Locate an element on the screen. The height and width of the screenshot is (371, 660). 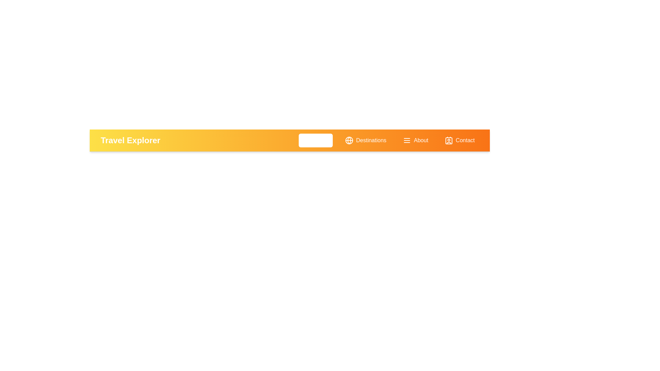
the 'About' section icon in the navigation bar is located at coordinates (407, 140).